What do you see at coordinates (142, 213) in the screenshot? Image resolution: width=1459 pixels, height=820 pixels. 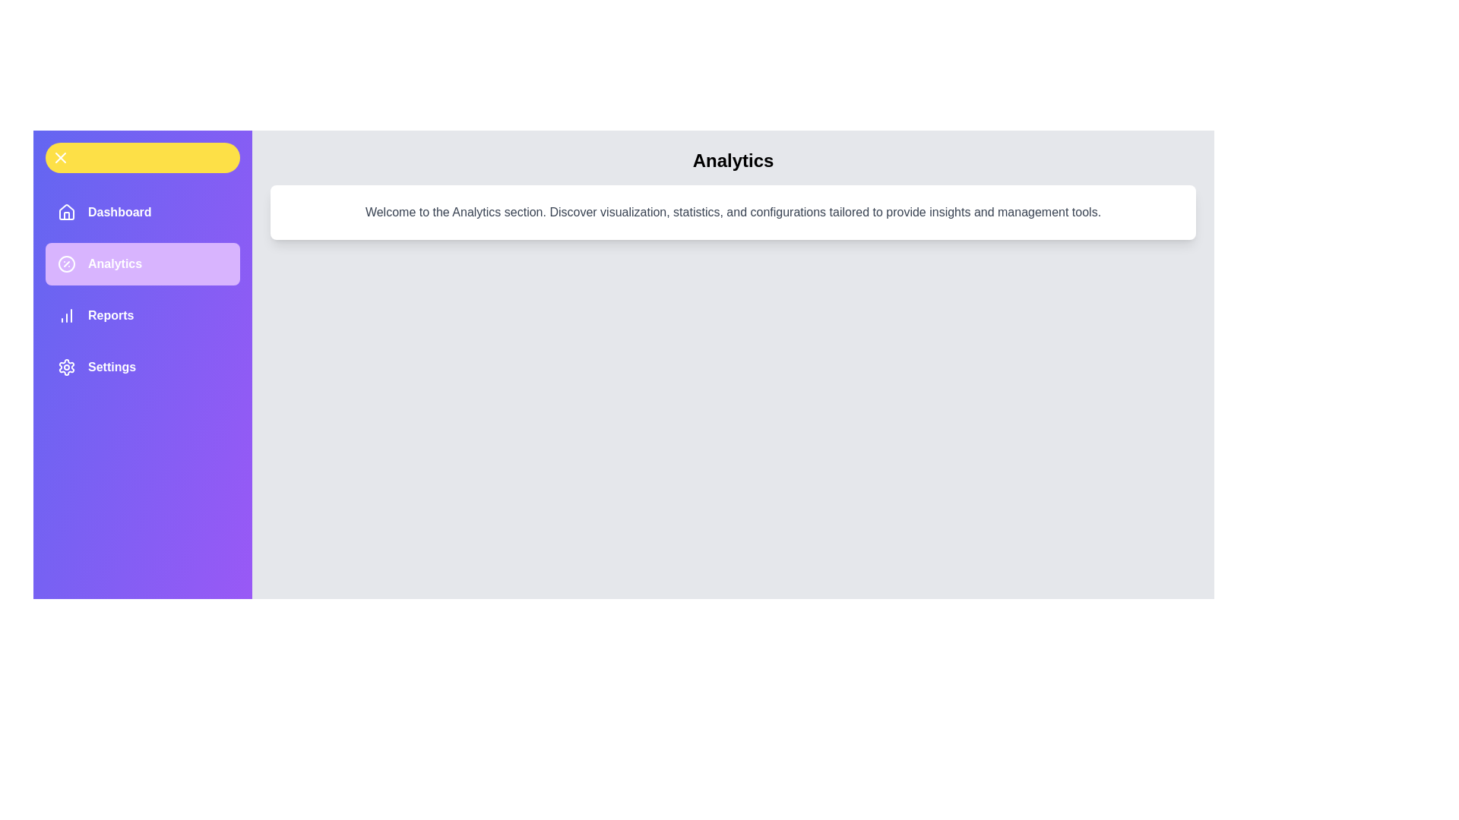 I see `the menu item labeled Dashboard to observe its hover effect` at bounding box center [142, 213].